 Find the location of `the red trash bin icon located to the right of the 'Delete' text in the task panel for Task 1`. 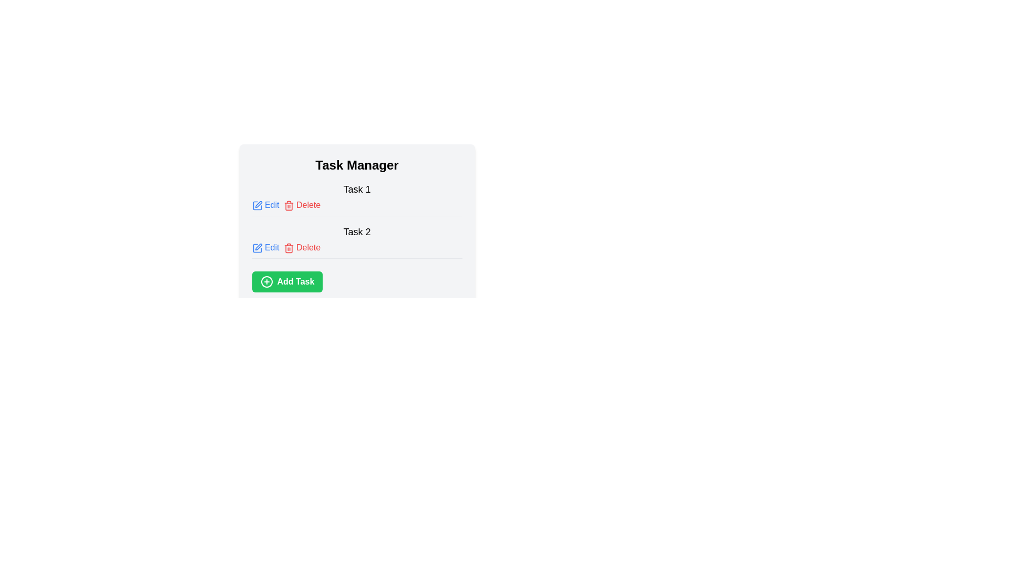

the red trash bin icon located to the right of the 'Delete' text in the task panel for Task 1 is located at coordinates (289, 248).